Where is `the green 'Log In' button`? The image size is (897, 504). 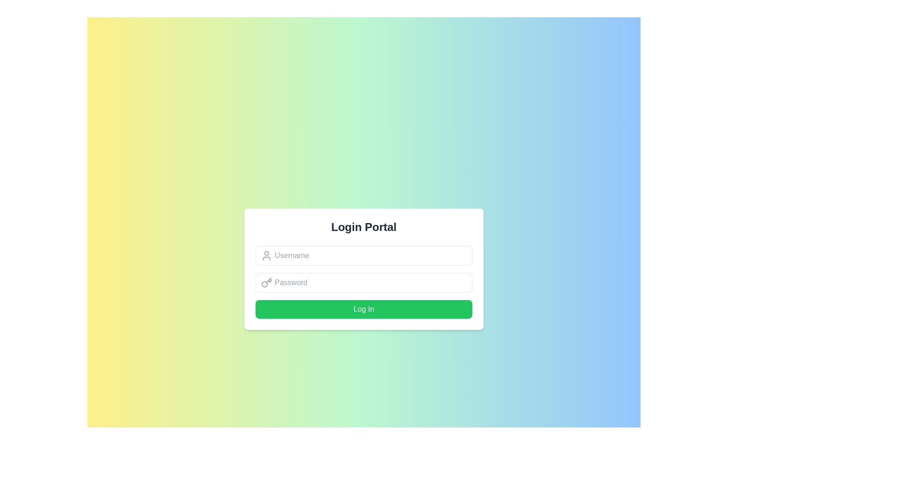 the green 'Log In' button is located at coordinates (363, 309).